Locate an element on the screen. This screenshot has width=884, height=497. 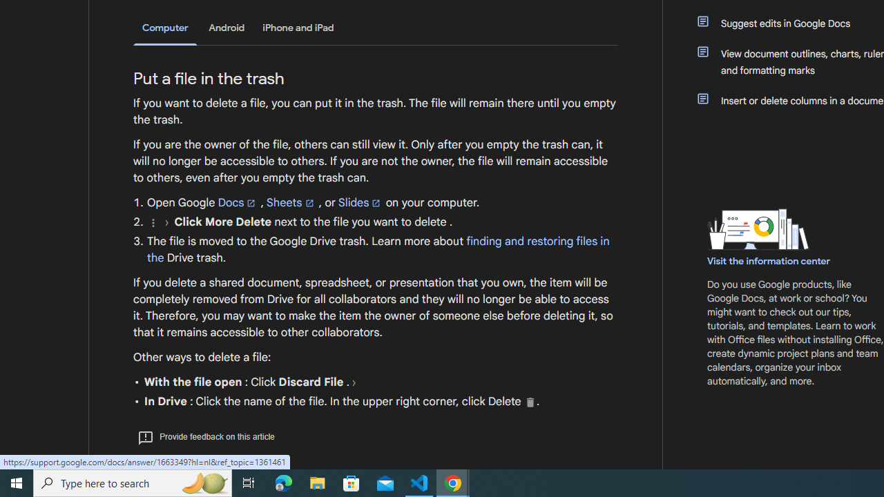
'Sheets' is located at coordinates (290, 202).